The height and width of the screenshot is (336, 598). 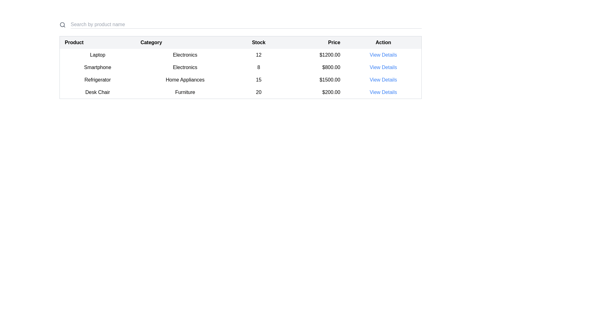 I want to click on the numeric text displaying the value '8' in the 'Stock' column of the tabular interface for the 'Smartphone' item, so click(x=259, y=67).